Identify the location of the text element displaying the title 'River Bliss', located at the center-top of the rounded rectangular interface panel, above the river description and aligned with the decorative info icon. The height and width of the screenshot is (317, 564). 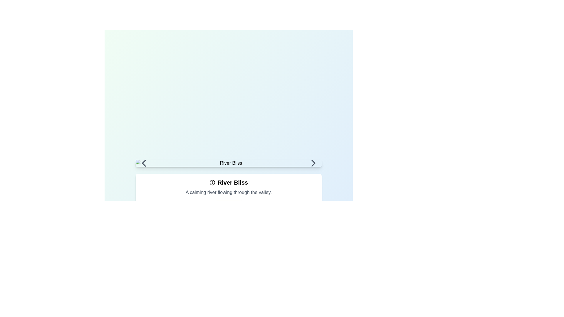
(228, 182).